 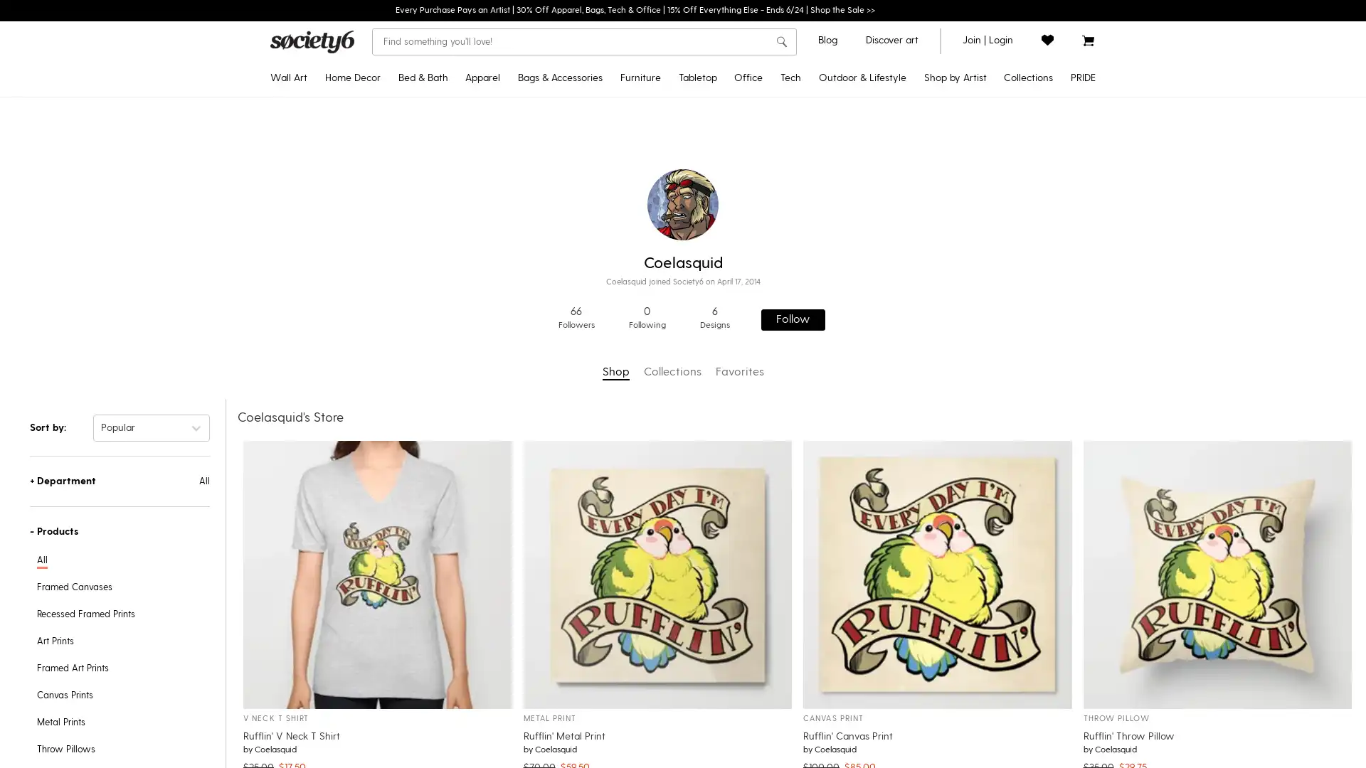 I want to click on Bar Stools, so click(x=665, y=159).